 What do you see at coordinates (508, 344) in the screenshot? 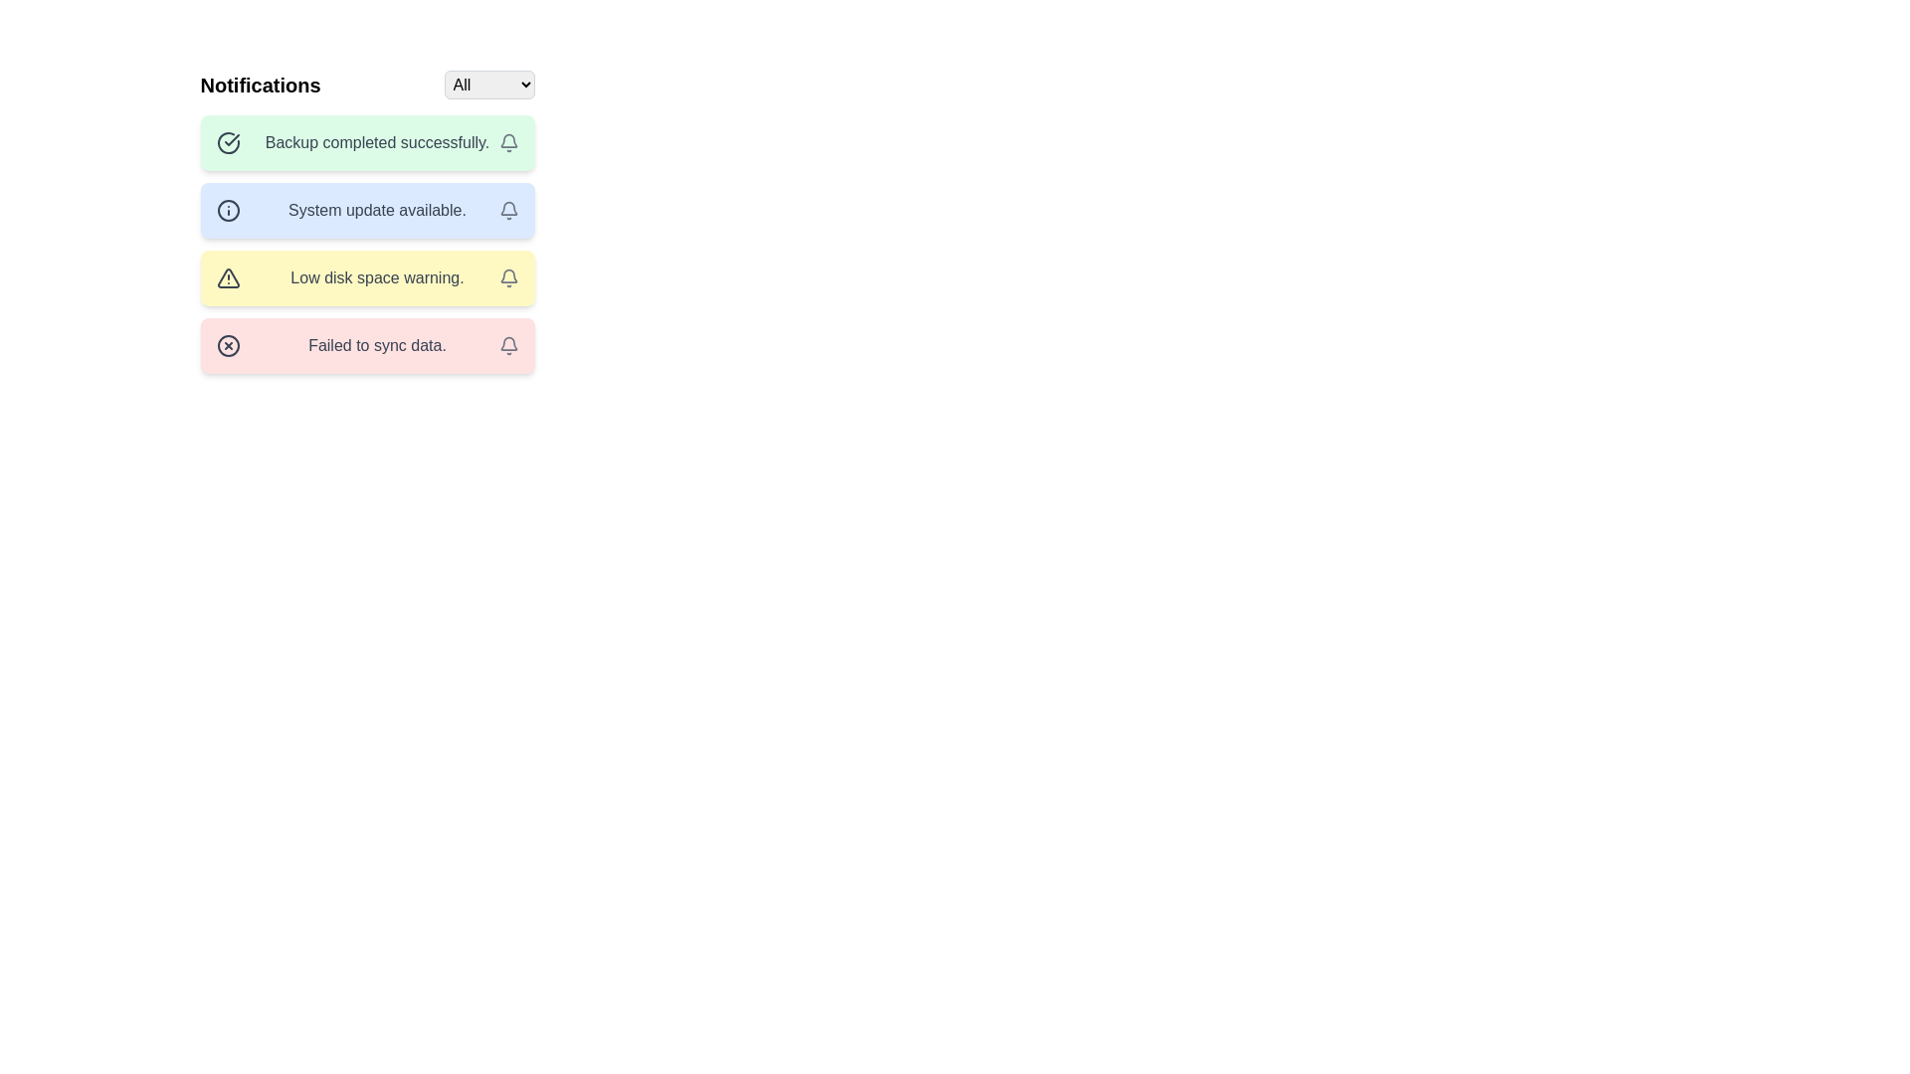
I see `the notification icon on the far right of the 'Failed to sync data' red notification banner to interact with it` at bounding box center [508, 344].